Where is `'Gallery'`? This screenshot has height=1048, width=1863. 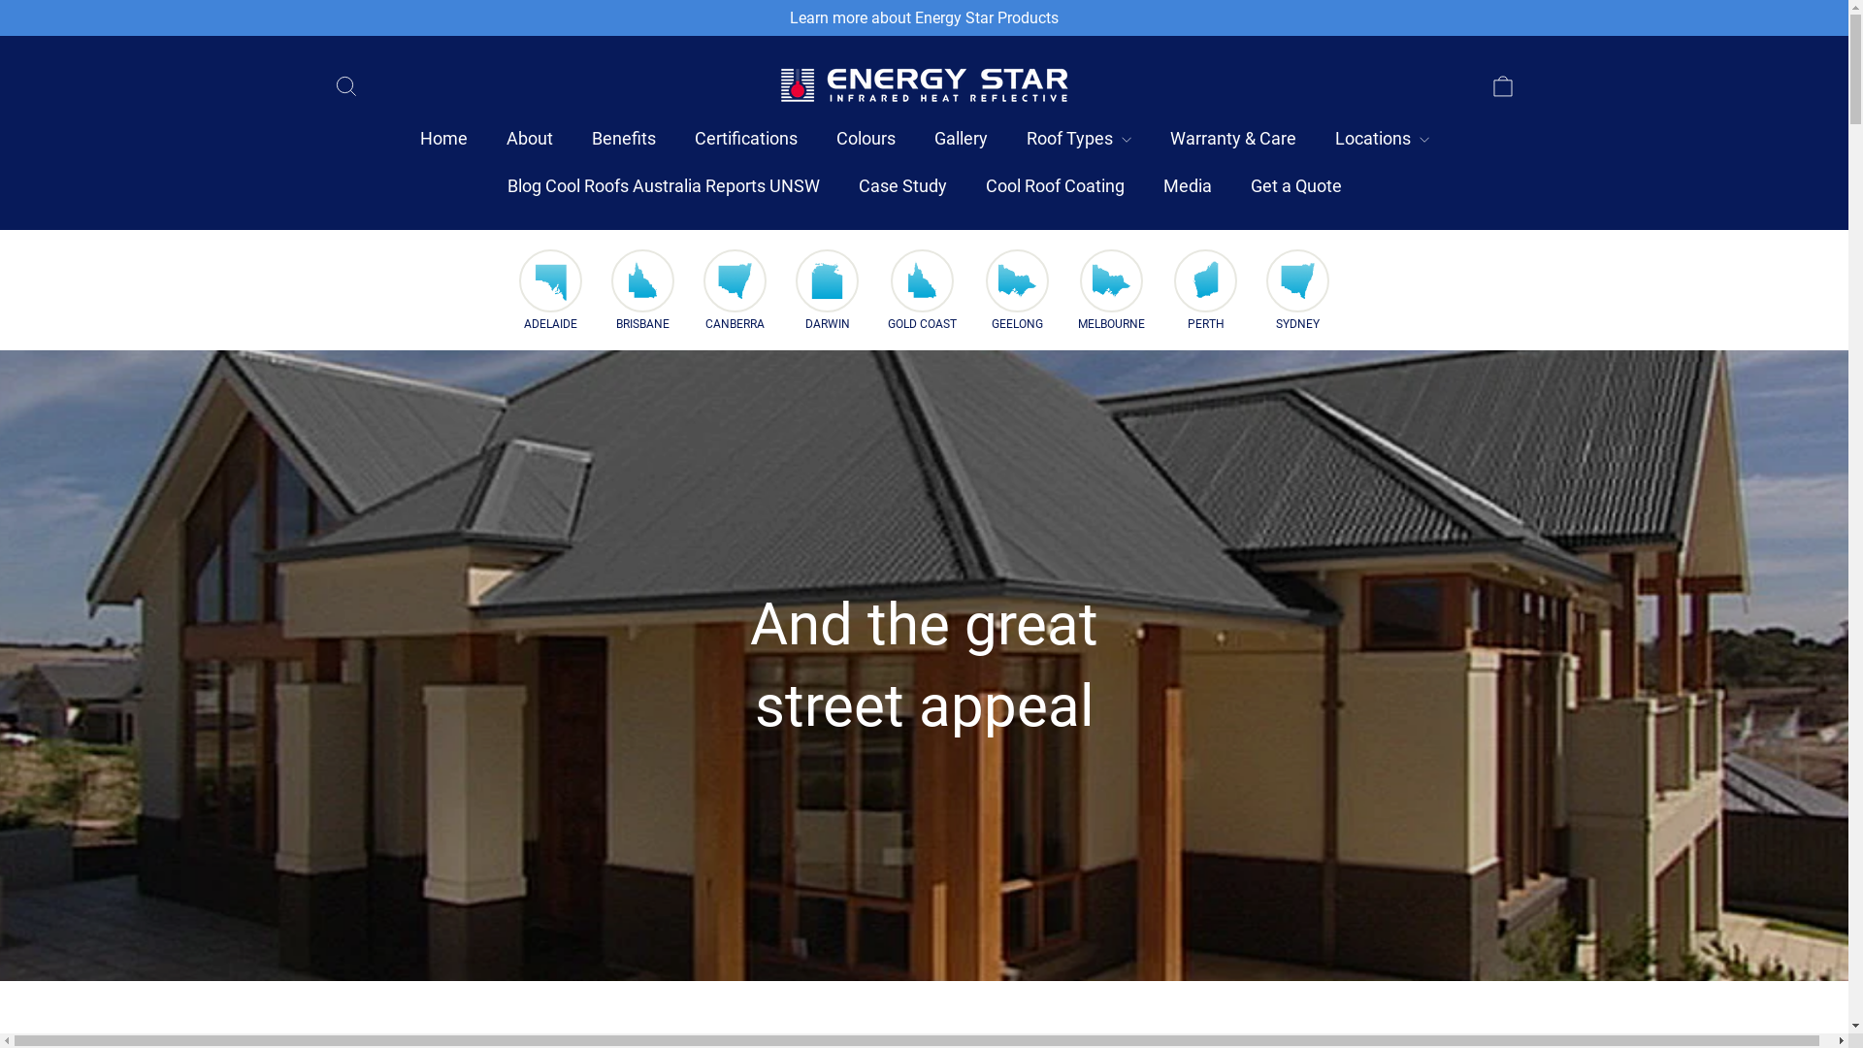
'Gallery' is located at coordinates (912, 138).